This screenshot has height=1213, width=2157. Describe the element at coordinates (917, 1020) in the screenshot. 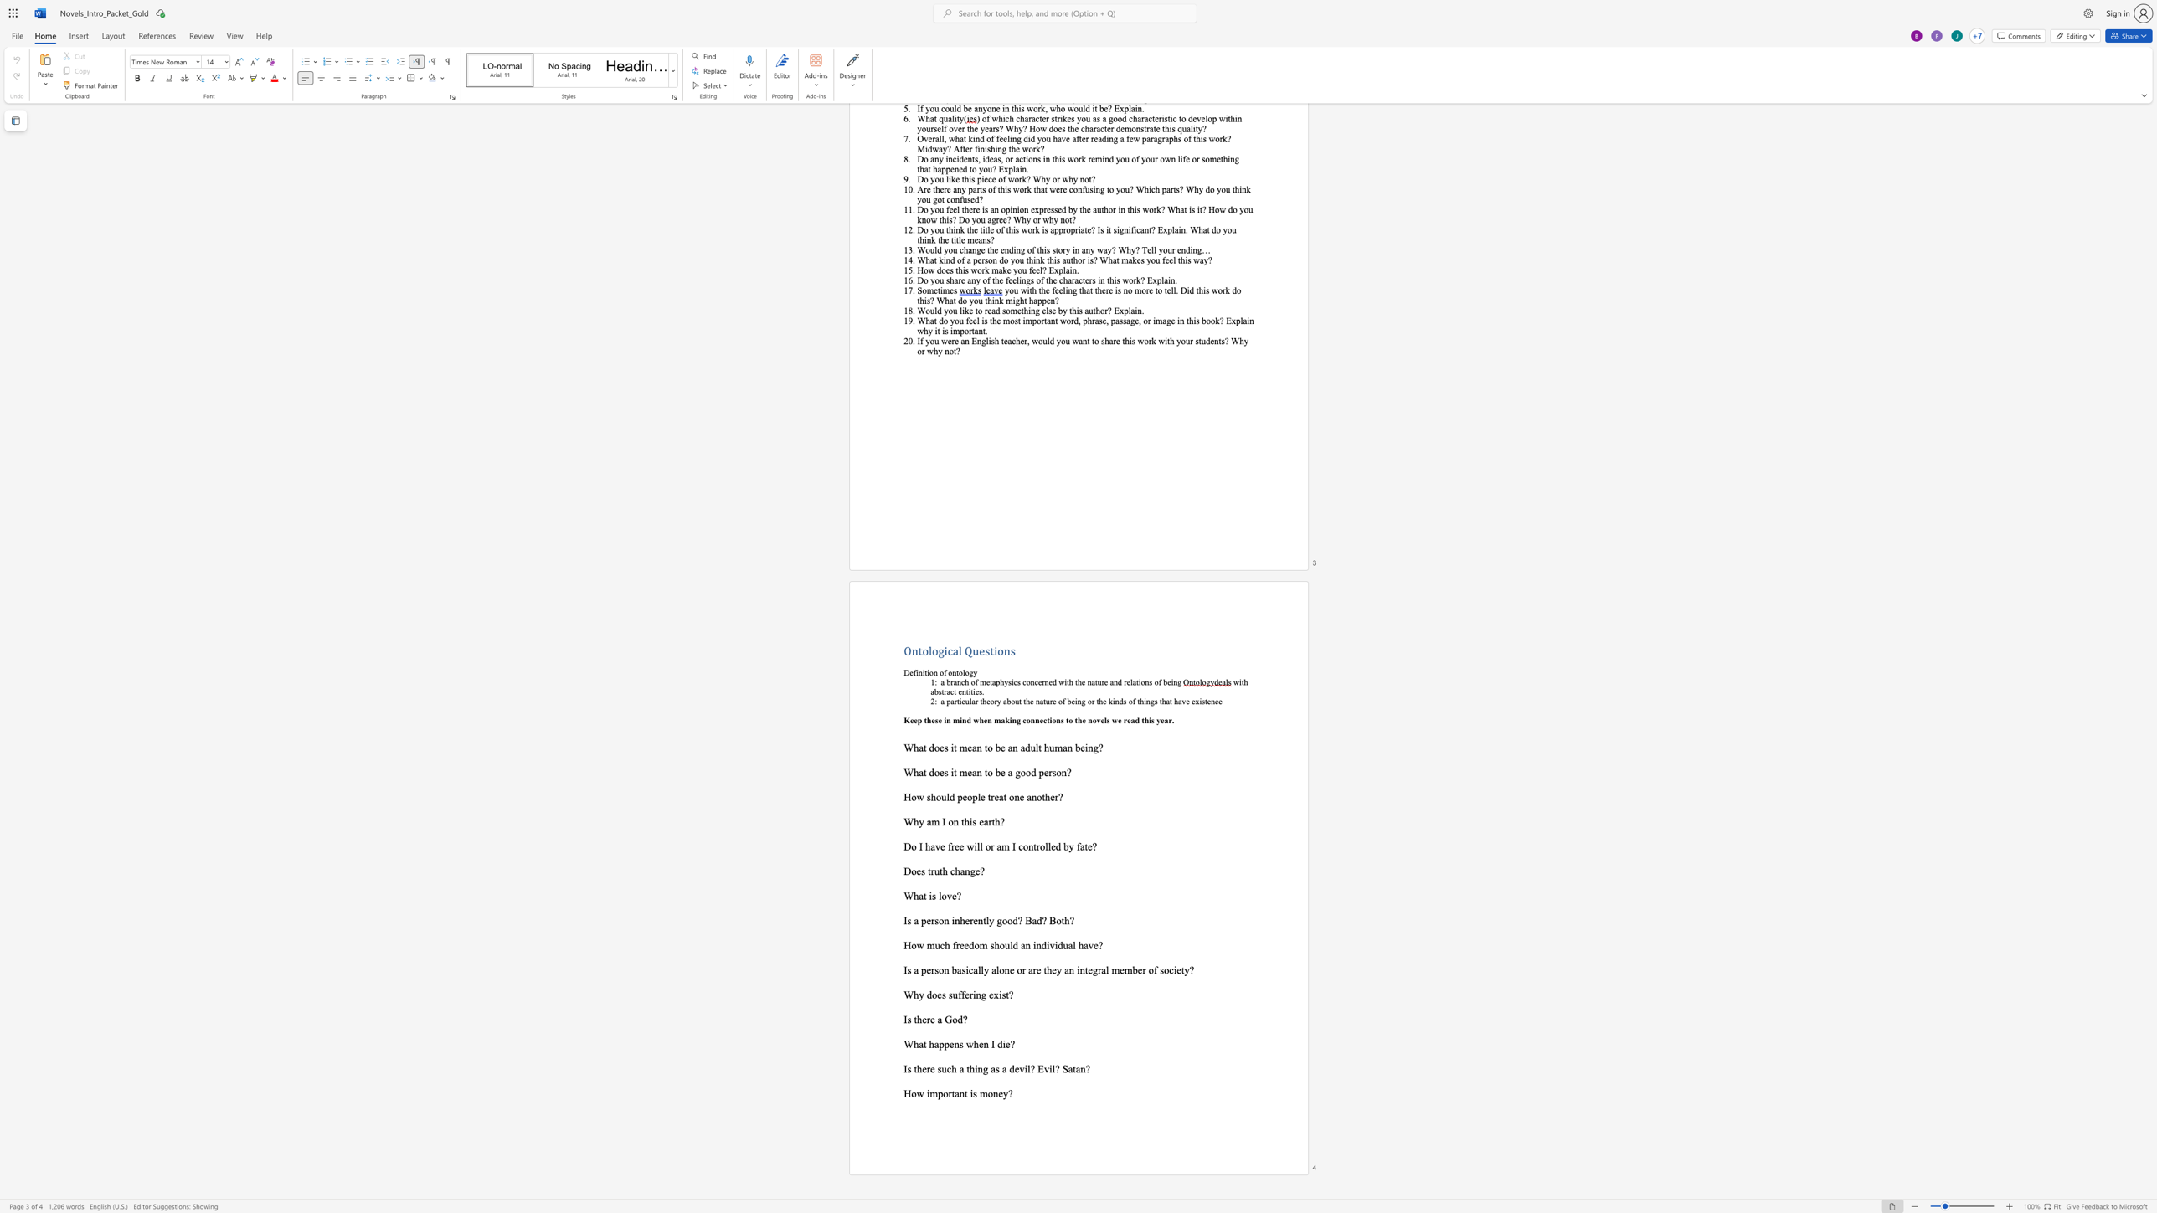

I see `the space between the continuous character "t" and "h" in the text` at that location.